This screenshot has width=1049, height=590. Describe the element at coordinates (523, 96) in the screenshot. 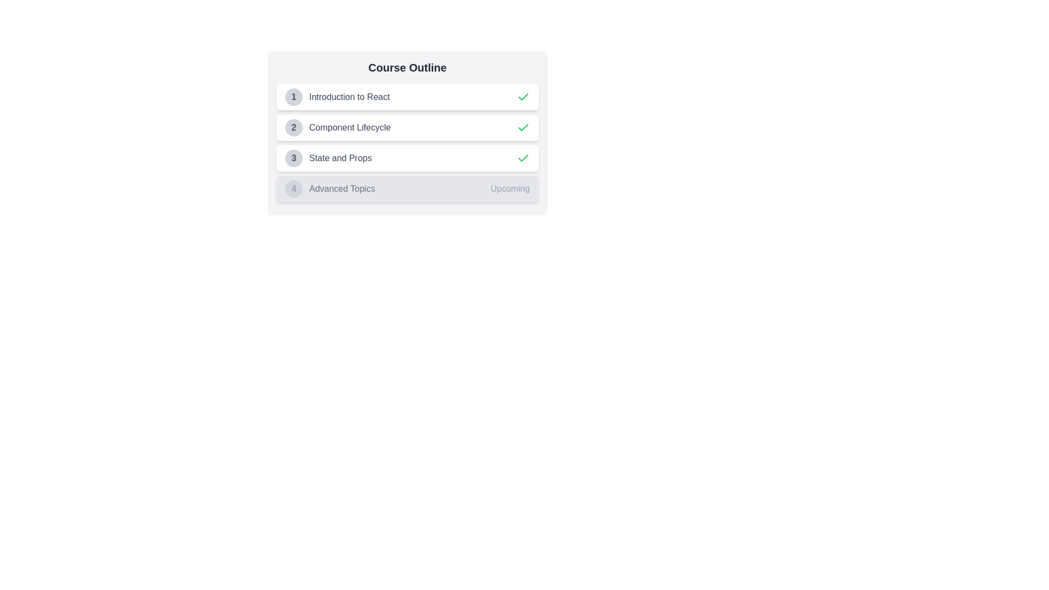

I see `the checkmark icon indicating a completed or verified state for the second item in the 'Course Outline' list` at that location.